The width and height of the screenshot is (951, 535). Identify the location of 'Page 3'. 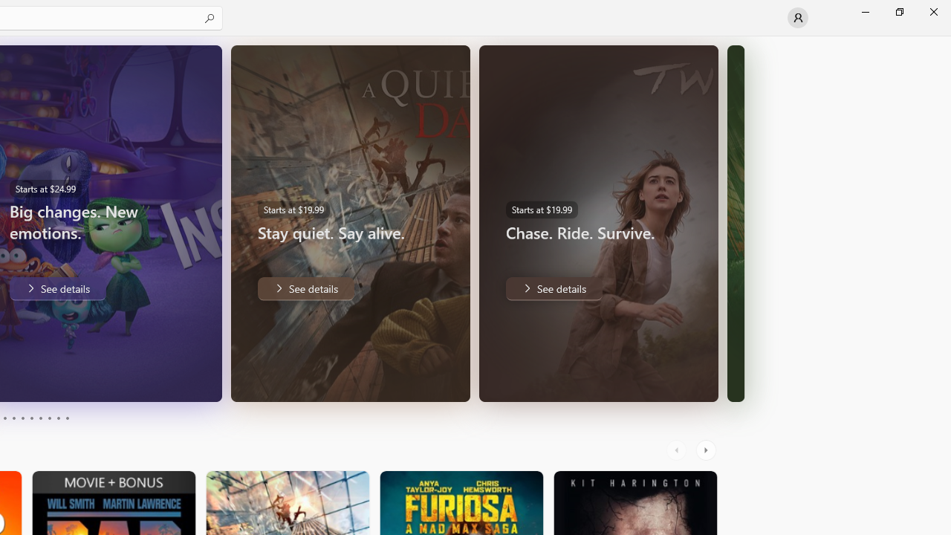
(4, 418).